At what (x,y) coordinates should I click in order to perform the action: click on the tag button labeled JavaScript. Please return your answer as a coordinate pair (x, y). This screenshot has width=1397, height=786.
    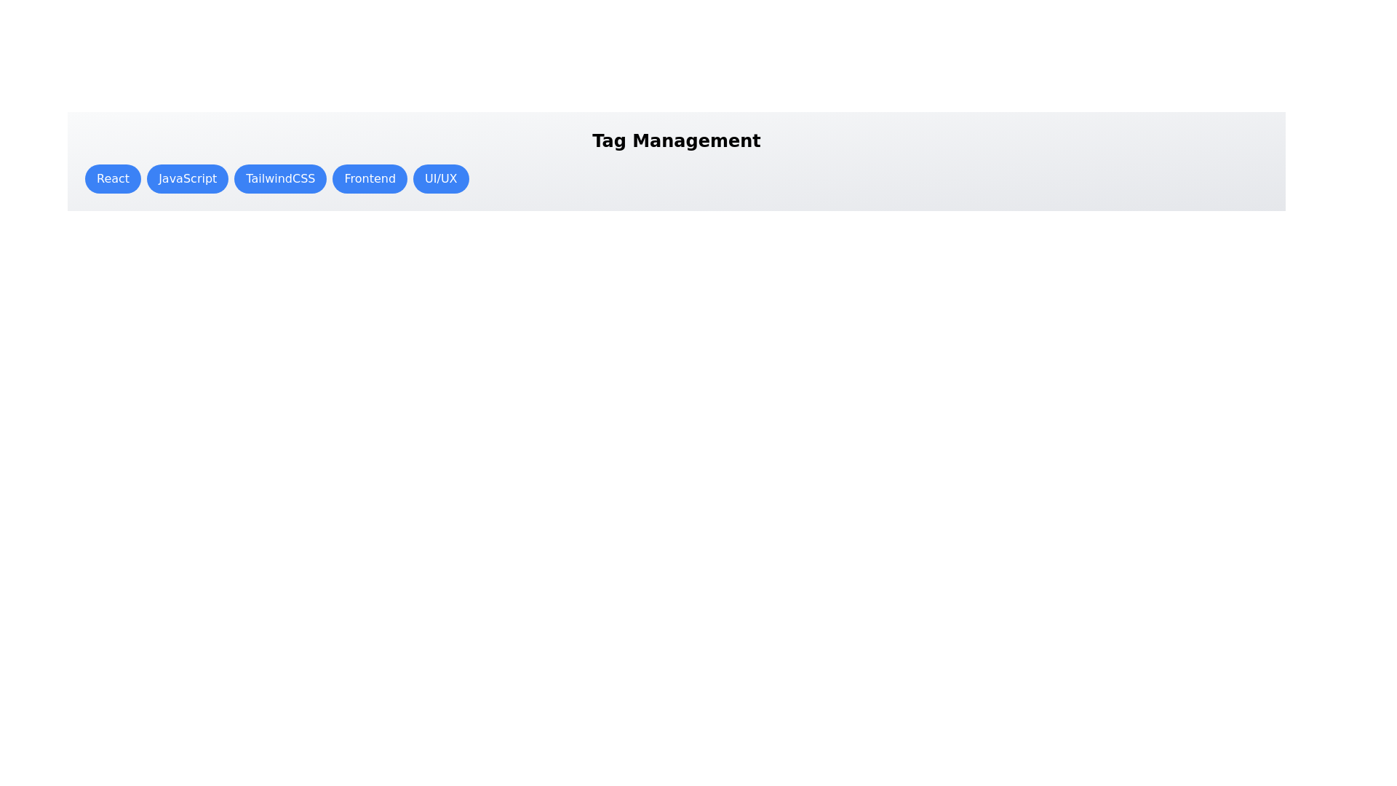
    Looking at the image, I should click on (187, 178).